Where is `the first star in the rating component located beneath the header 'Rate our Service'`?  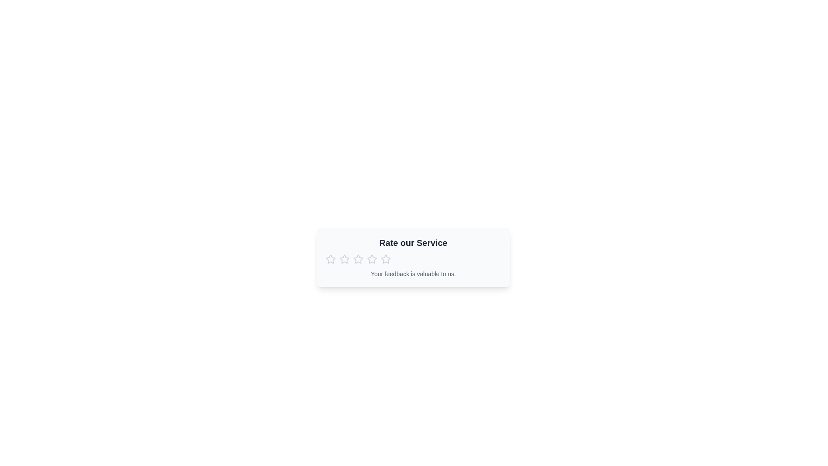
the first star in the rating component located beneath the header 'Rate our Service' is located at coordinates (330, 258).